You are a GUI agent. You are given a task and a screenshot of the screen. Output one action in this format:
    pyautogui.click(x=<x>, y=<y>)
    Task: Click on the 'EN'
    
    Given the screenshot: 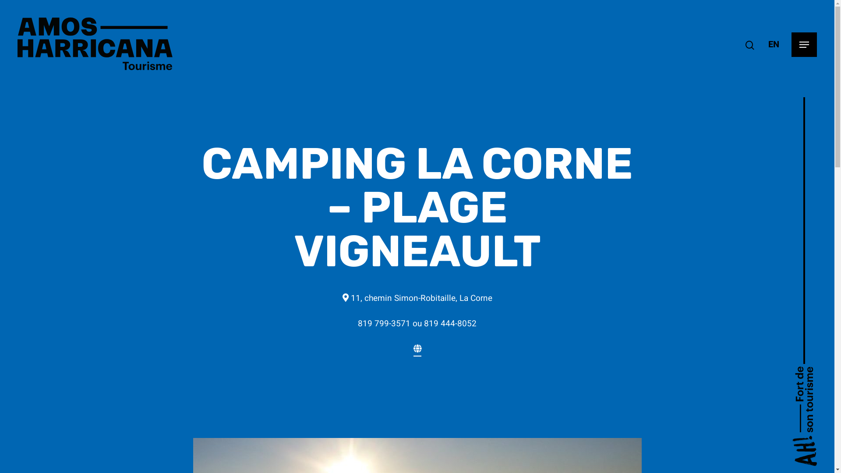 What is the action you would take?
    pyautogui.click(x=774, y=44)
    